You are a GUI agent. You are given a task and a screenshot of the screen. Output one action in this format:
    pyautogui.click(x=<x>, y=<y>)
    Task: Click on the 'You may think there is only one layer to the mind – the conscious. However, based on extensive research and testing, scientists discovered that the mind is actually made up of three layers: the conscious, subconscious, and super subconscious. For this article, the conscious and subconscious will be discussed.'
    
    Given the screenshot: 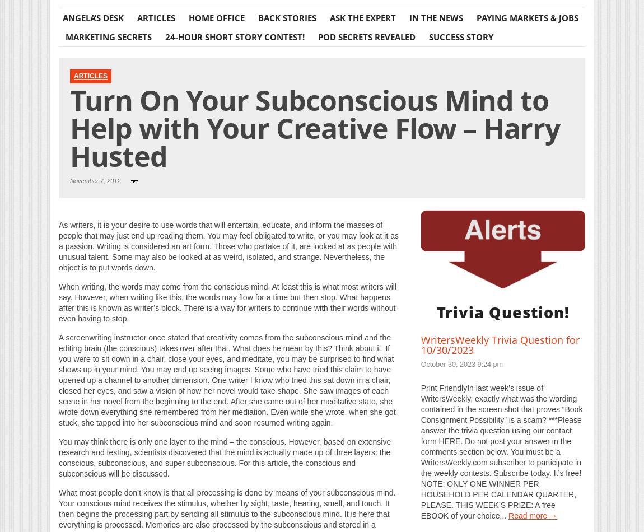 What is the action you would take?
    pyautogui.click(x=58, y=456)
    